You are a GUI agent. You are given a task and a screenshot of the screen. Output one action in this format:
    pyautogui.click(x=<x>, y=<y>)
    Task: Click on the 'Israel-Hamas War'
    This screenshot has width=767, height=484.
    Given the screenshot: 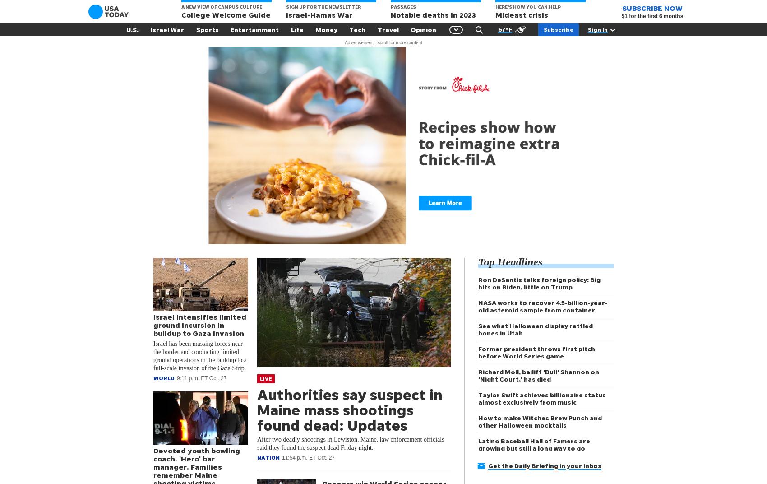 What is the action you would take?
    pyautogui.click(x=319, y=14)
    